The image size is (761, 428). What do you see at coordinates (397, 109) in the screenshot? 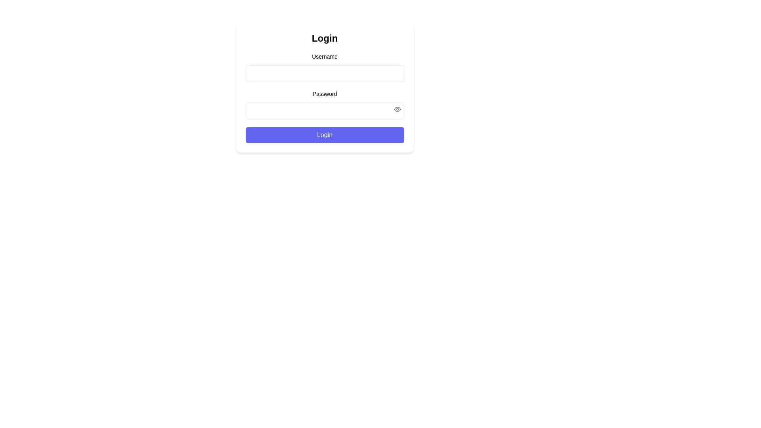
I see `the eye icon button located at the right end of the password input field in the login form` at bounding box center [397, 109].